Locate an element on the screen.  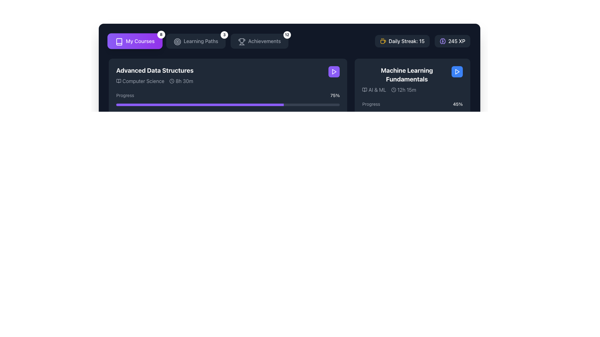
the icon representing a time duration, which is located to the immediate left of the text '8h 30m' in the middle section of the card for 'Advanced Data Structures' is located at coordinates (172, 81).